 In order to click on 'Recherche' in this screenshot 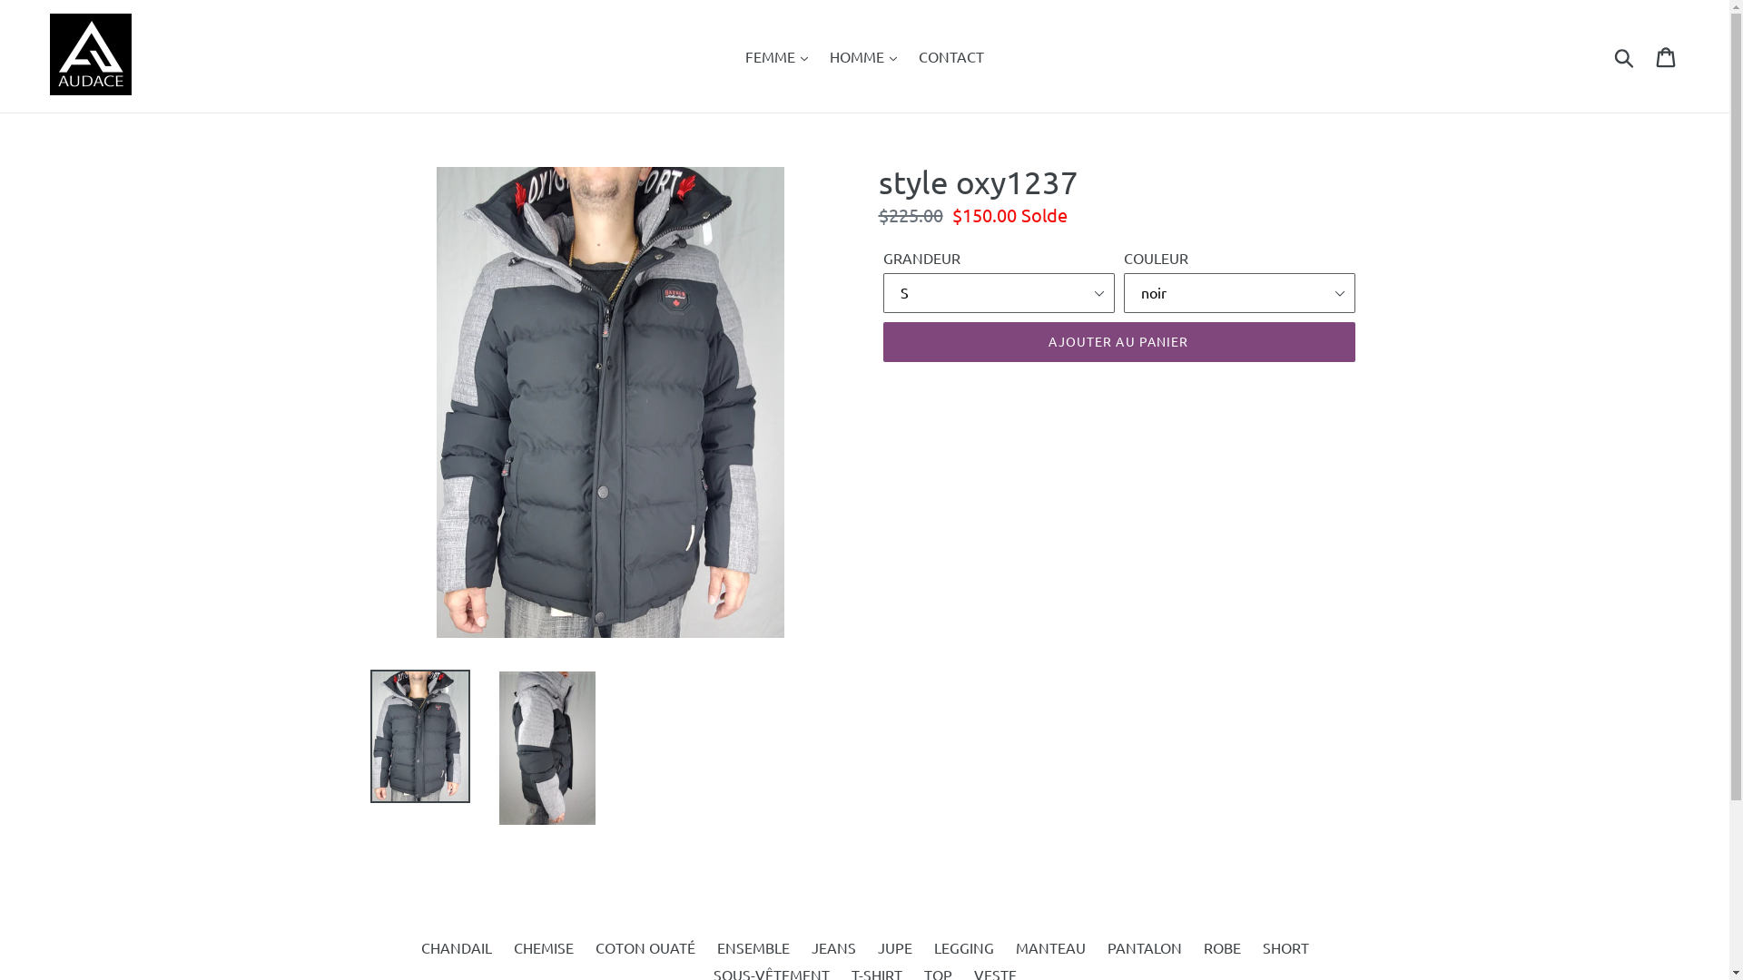, I will do `click(1603, 54)`.